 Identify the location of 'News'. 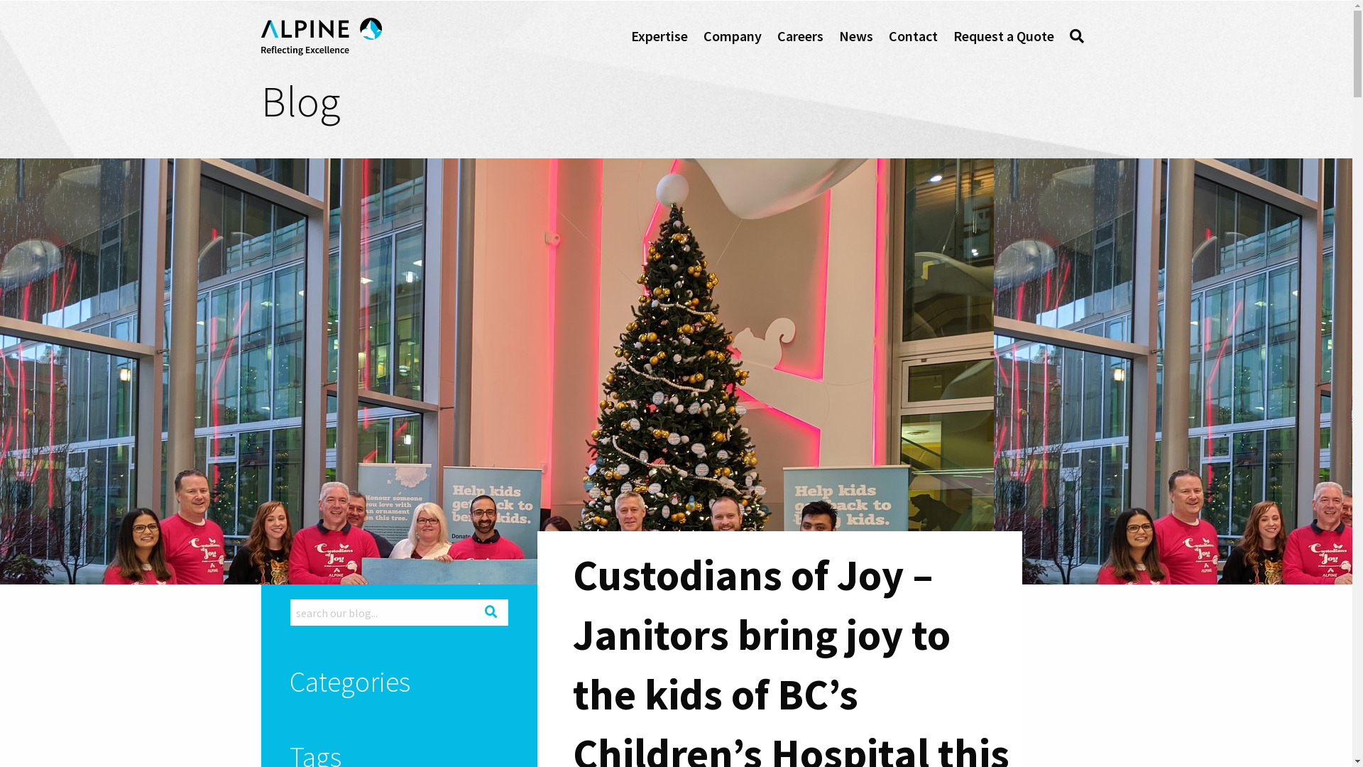
(855, 39).